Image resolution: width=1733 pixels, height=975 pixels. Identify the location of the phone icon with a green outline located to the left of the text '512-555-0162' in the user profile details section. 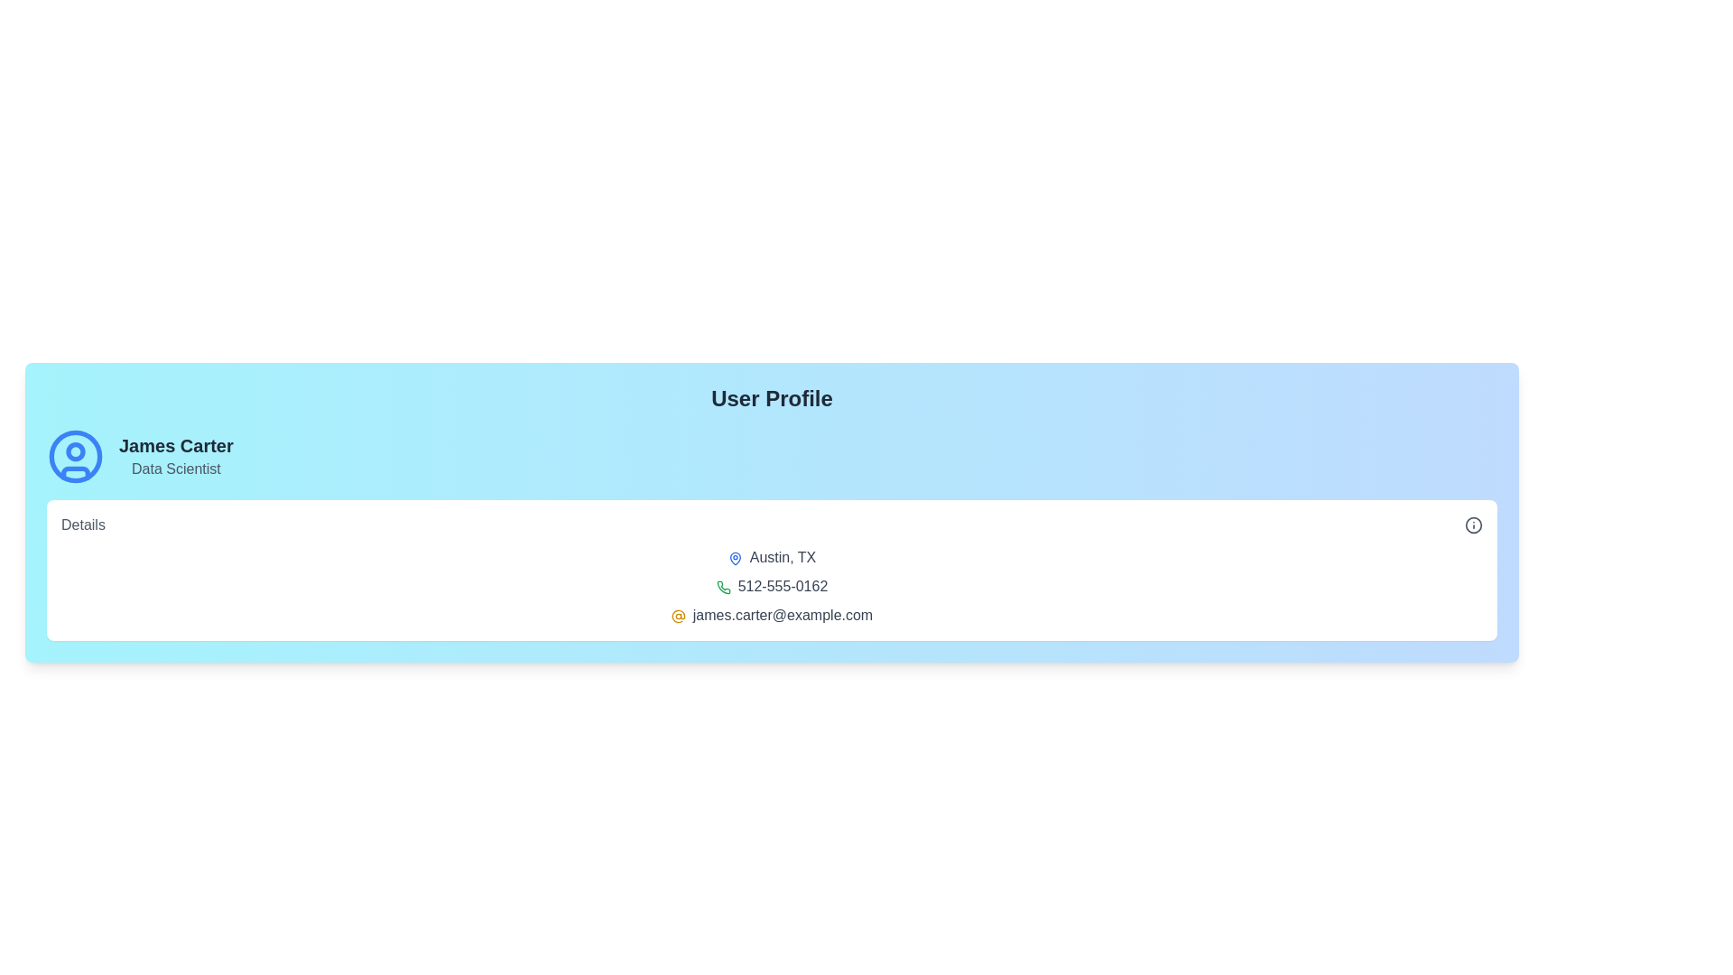
(723, 587).